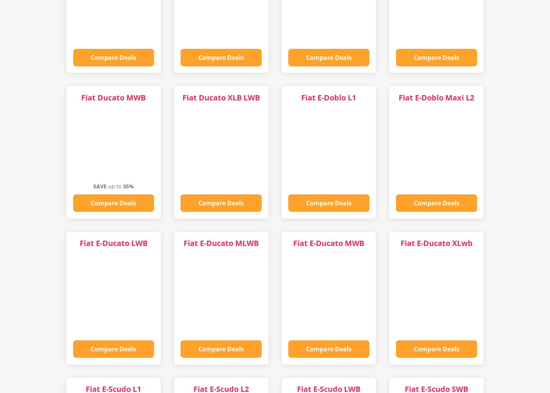 The image size is (550, 393). What do you see at coordinates (221, 243) in the screenshot?
I see `'Fiat E-Ducato MLWB'` at bounding box center [221, 243].